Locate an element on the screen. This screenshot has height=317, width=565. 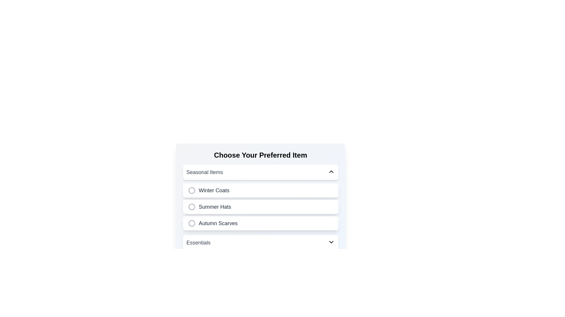
the radio button for the option 'Autumn Scarves' is located at coordinates (192, 223).